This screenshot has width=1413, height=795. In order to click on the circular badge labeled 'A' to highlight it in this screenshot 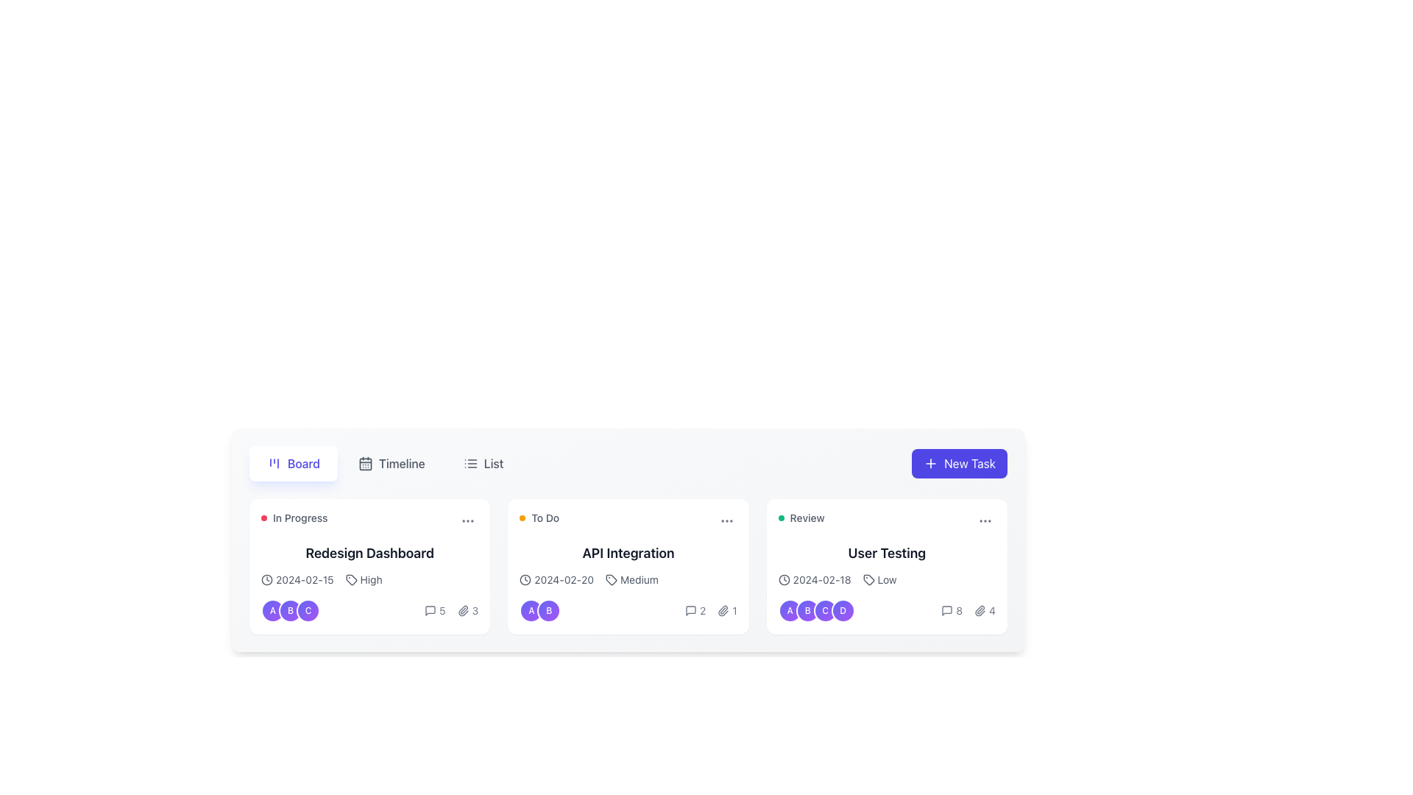, I will do `click(789, 610)`.